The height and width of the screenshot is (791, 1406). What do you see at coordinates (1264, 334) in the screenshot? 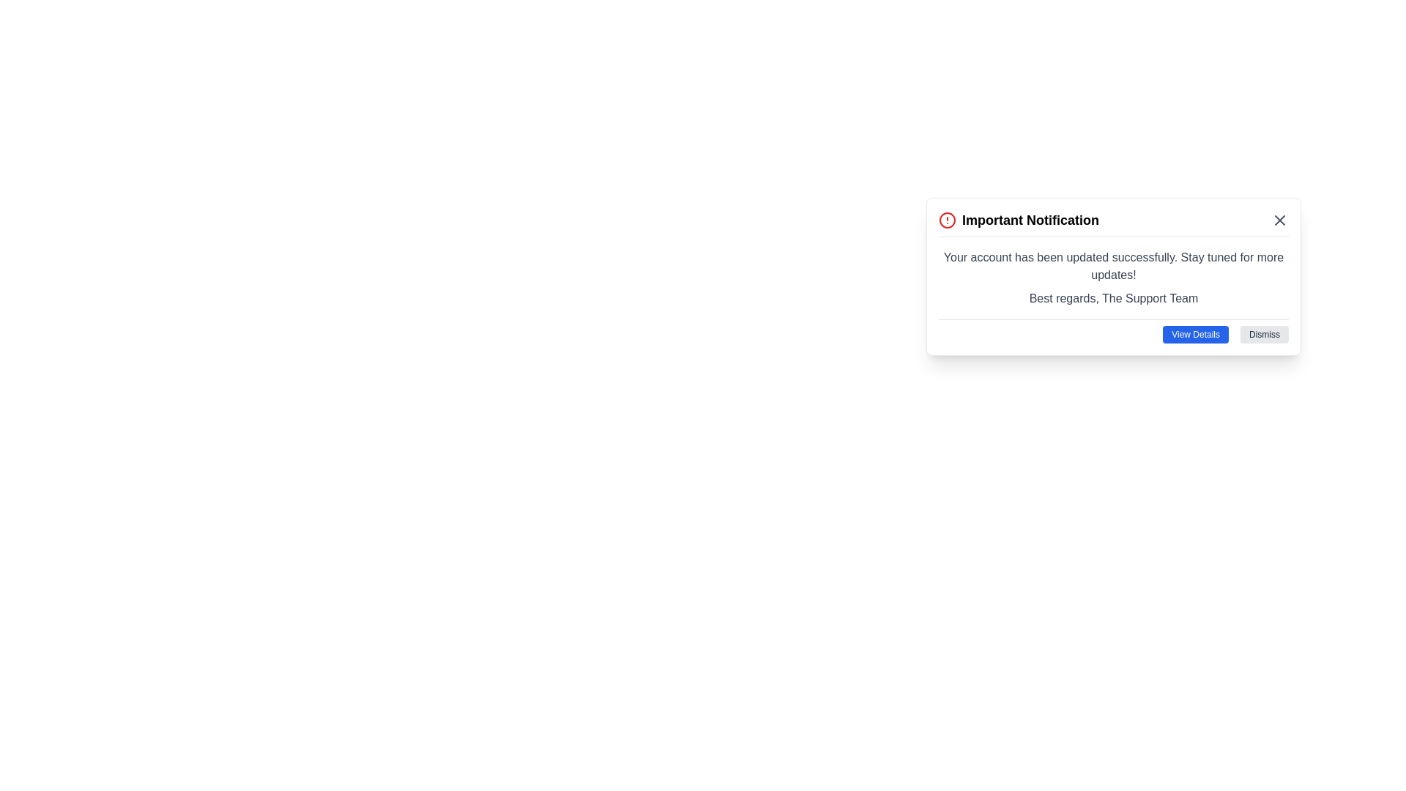
I see `the 'Dismiss' button located at the bottom-right of the notification modal` at bounding box center [1264, 334].